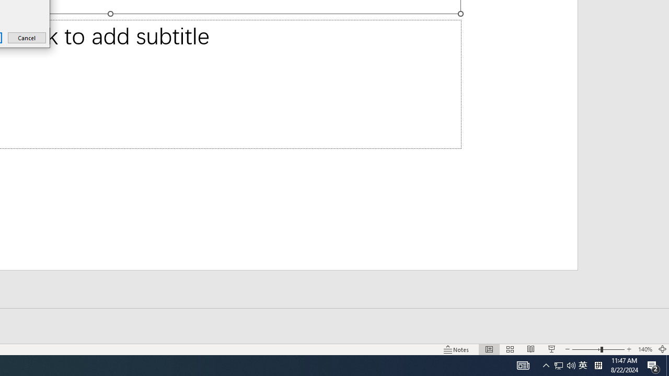 This screenshot has width=669, height=376. I want to click on 'Zoom 140%', so click(644, 349).